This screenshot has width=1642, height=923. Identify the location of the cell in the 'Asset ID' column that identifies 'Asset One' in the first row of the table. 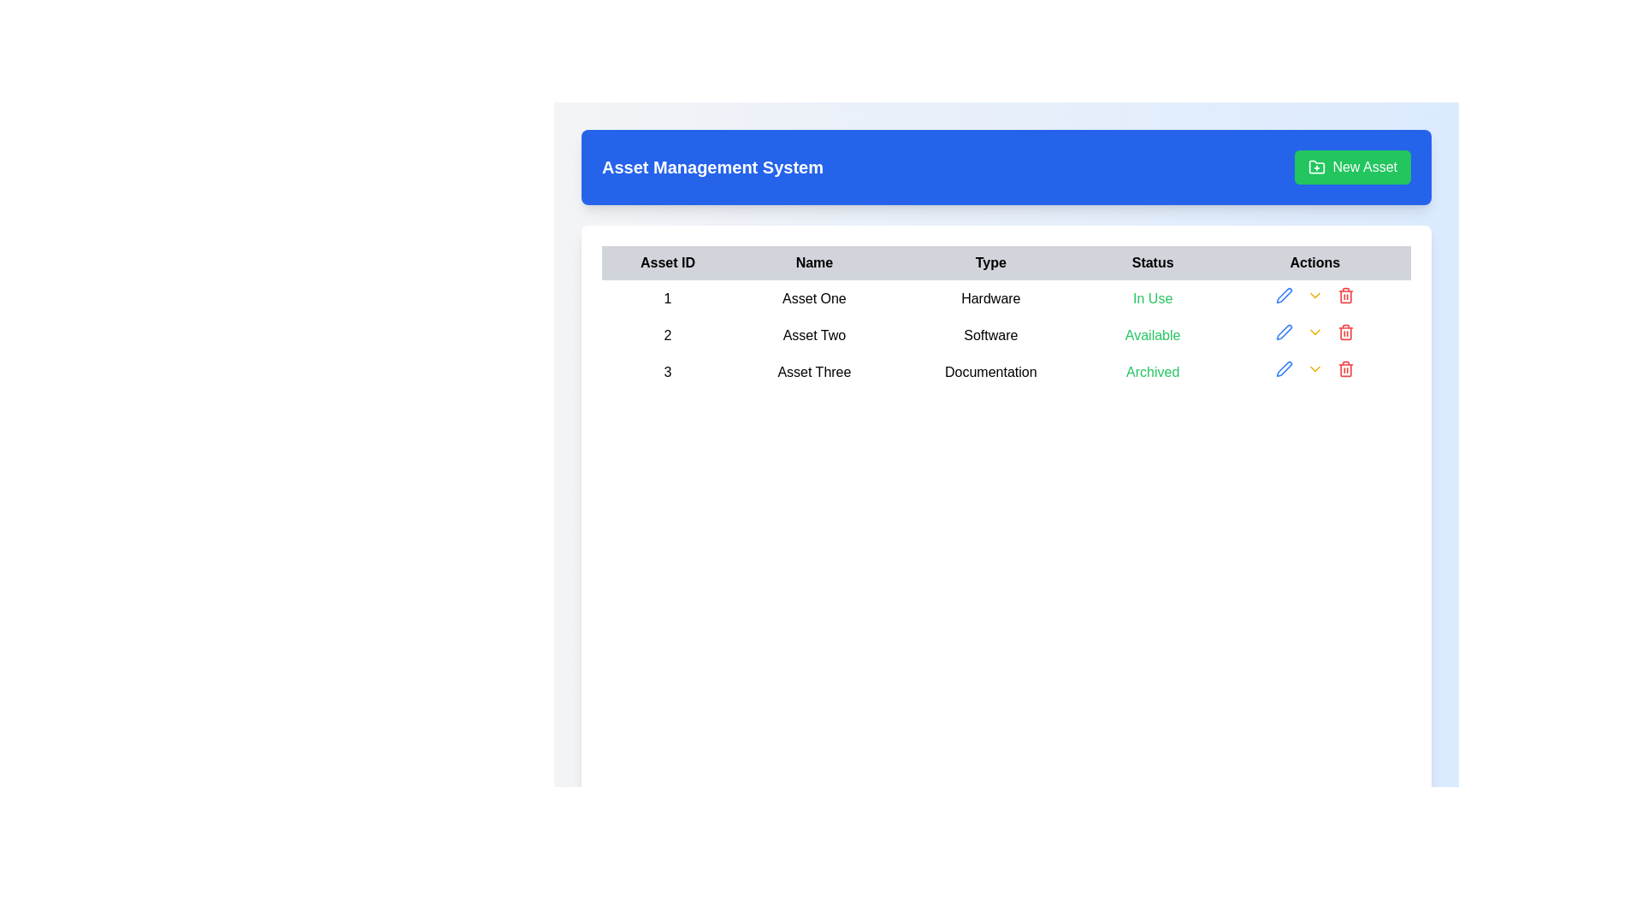
(666, 297).